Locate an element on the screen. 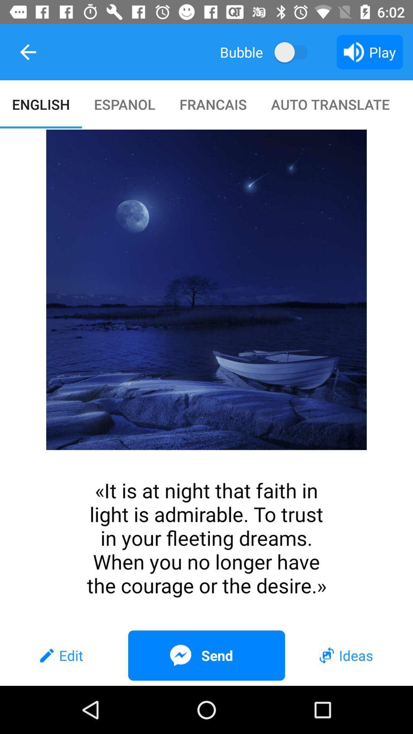 This screenshot has width=413, height=734. the item to the left of bubble icon is located at coordinates (28, 52).